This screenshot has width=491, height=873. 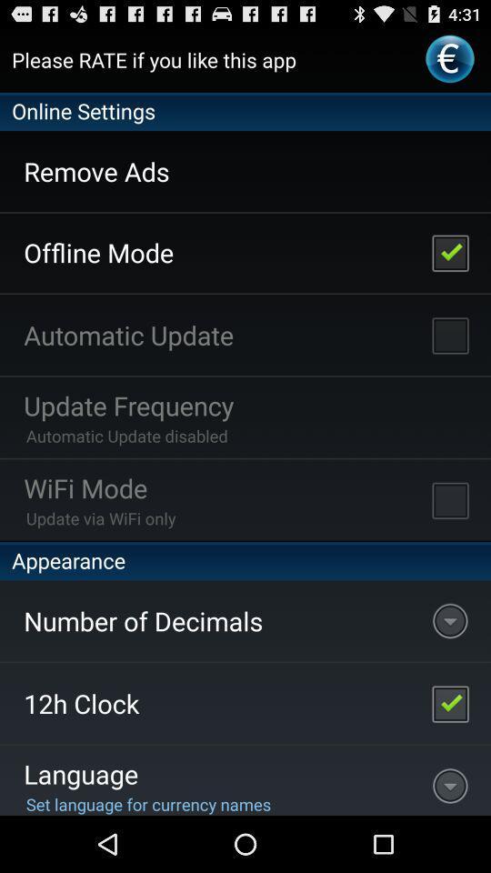 What do you see at coordinates (449, 334) in the screenshot?
I see `the item to the right of the automatic update app` at bounding box center [449, 334].